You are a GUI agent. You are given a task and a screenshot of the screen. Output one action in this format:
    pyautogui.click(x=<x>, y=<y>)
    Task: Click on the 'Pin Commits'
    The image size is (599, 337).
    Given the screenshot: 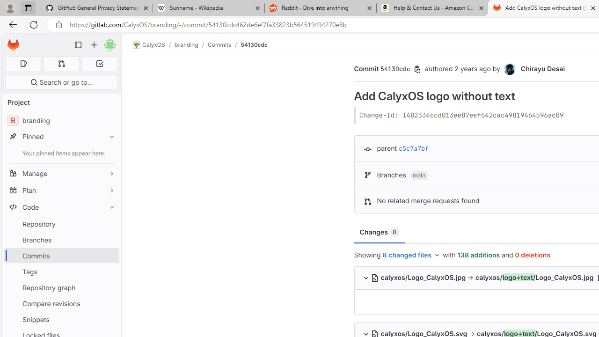 What is the action you would take?
    pyautogui.click(x=110, y=256)
    